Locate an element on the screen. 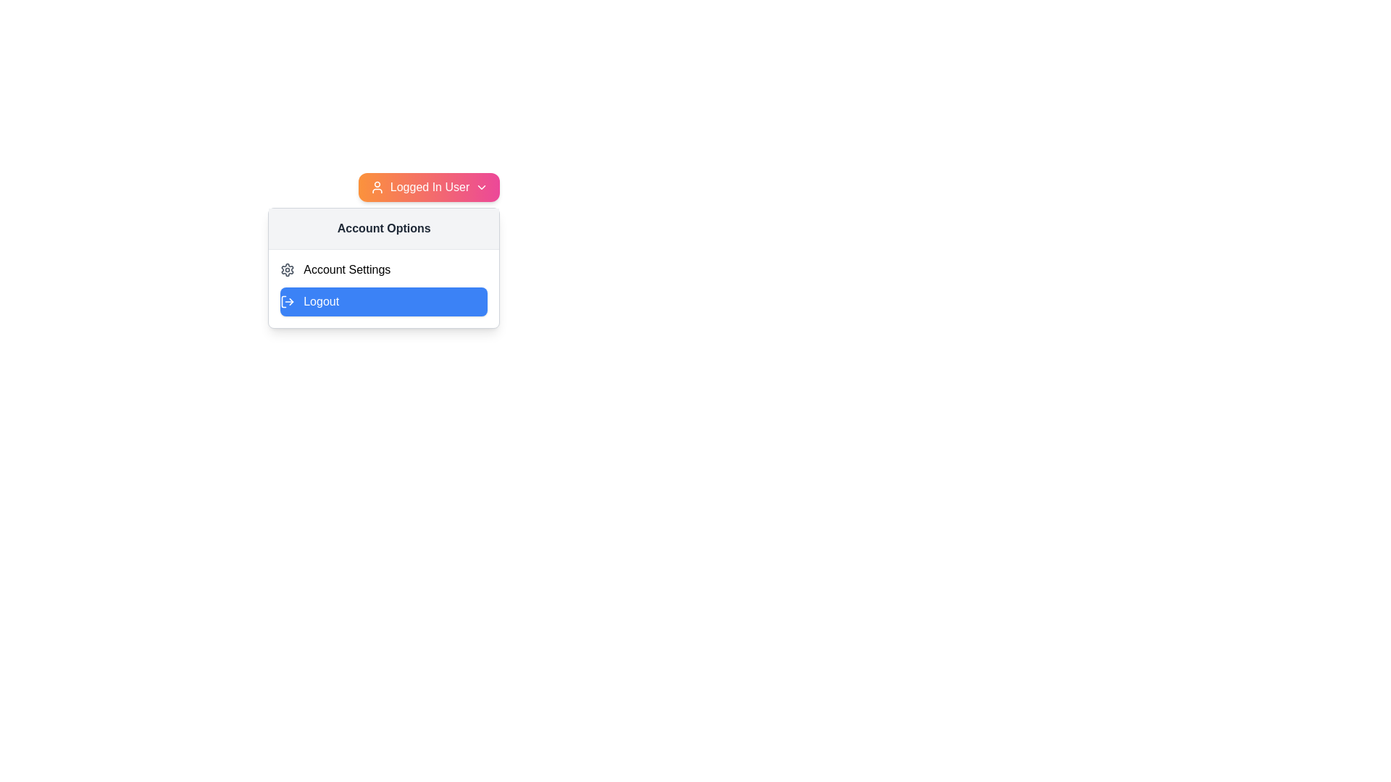 The width and height of the screenshot is (1391, 782). the visual representation of the user icon, which is a minimalistic line art styled icon located to the left of the 'Logged In User' label is located at coordinates (377, 186).